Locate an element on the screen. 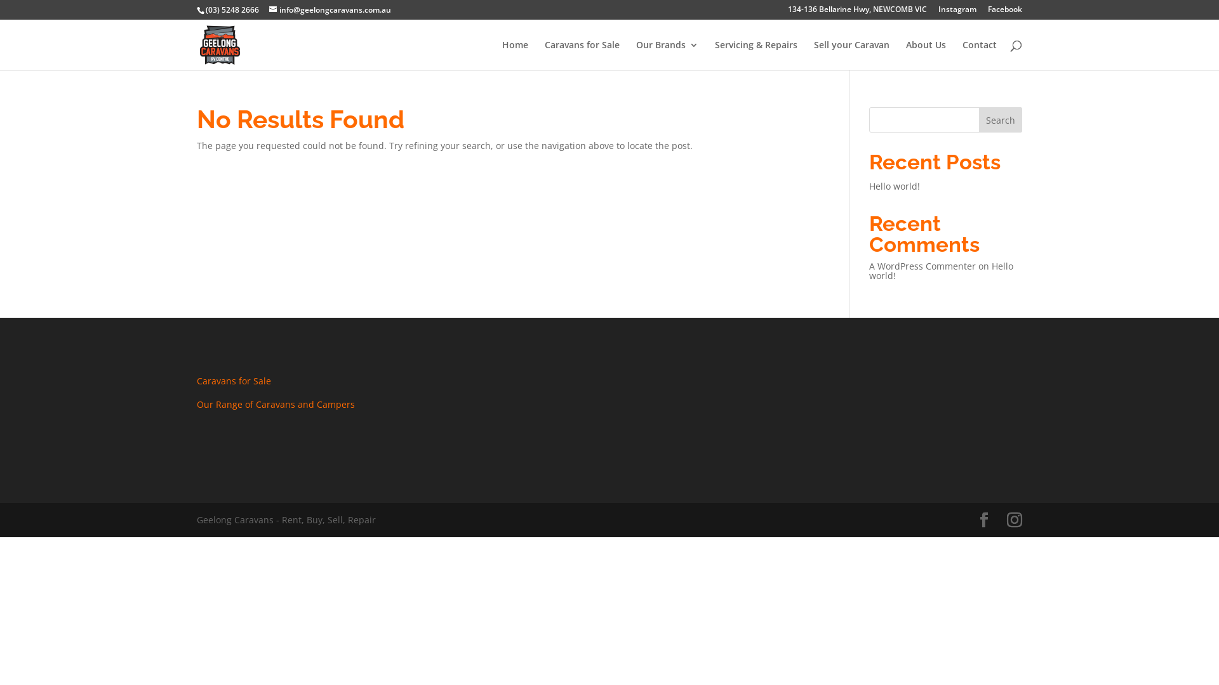  'Sell your Caravan' is located at coordinates (813, 55).